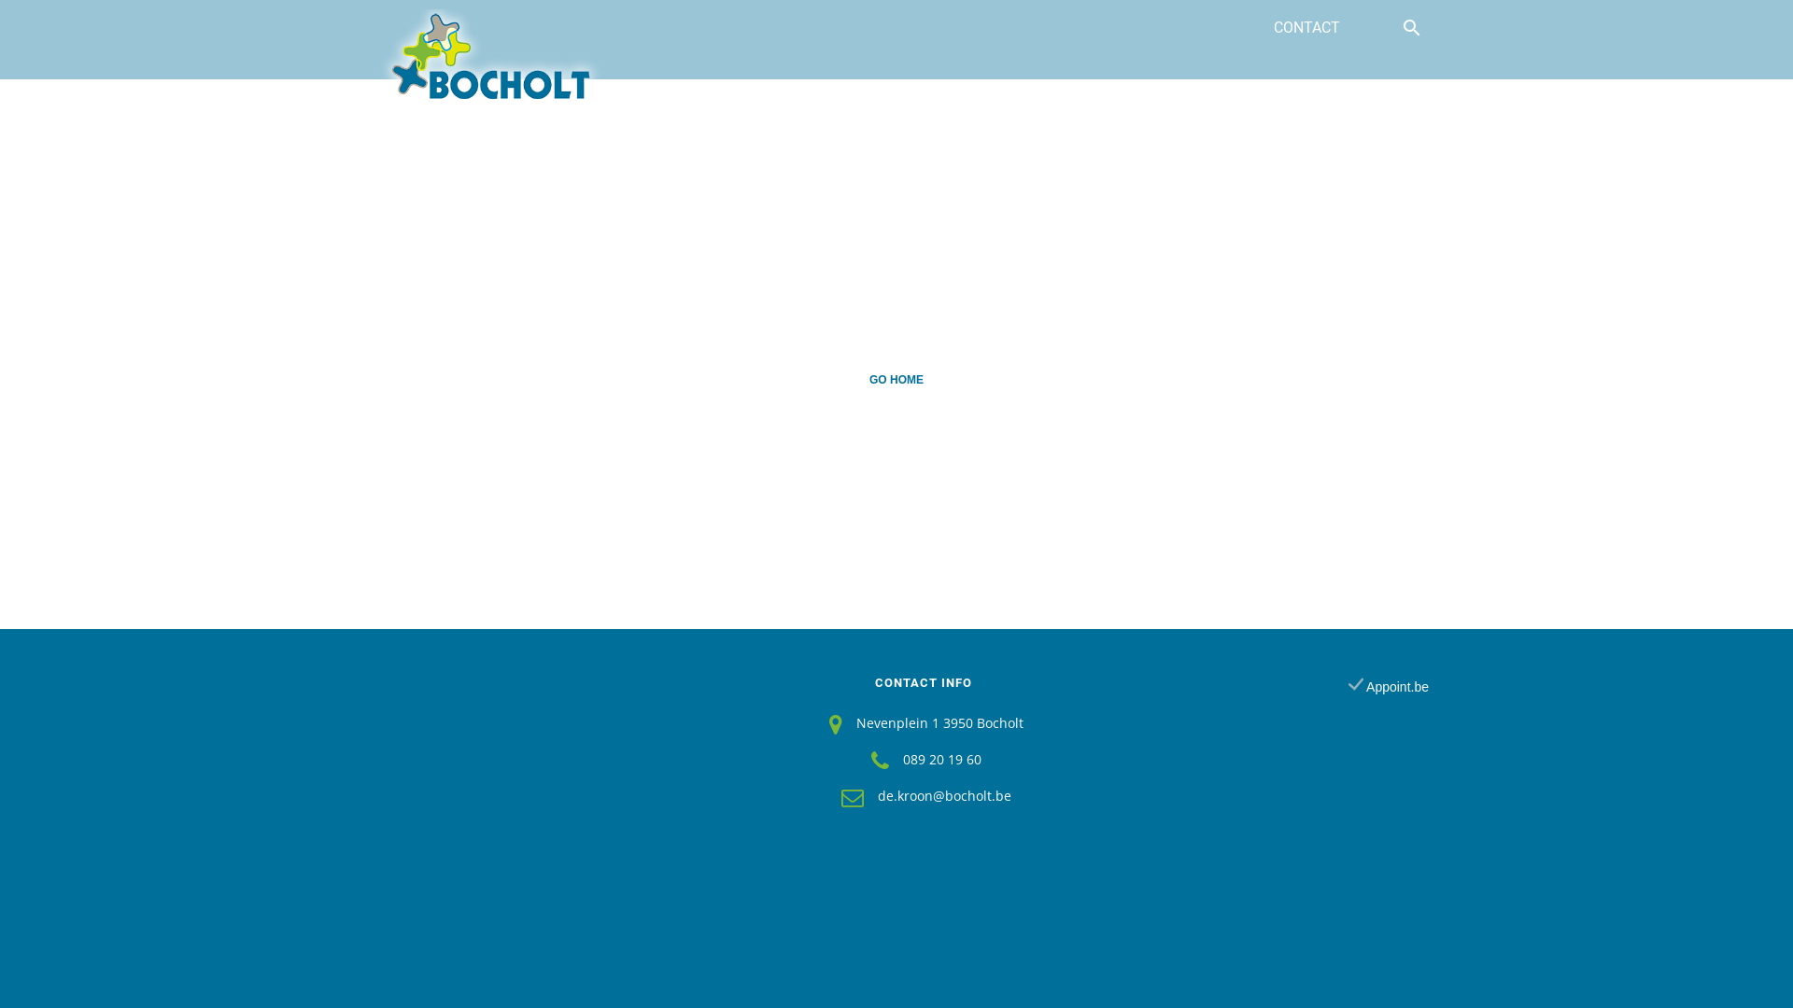  I want to click on 'de.kroon@bocholt.be', so click(877, 794).